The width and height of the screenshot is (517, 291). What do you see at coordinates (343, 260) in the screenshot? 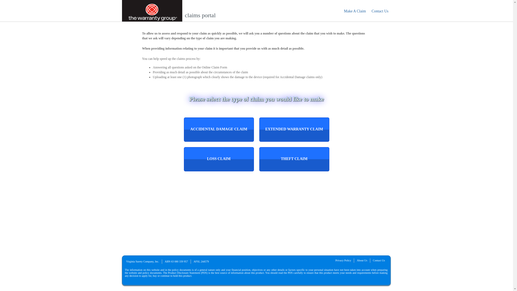
I see `'Privacy Policy'` at bounding box center [343, 260].